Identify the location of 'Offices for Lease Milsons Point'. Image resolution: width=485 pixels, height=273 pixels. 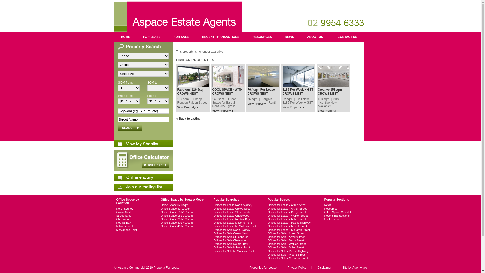
(213, 222).